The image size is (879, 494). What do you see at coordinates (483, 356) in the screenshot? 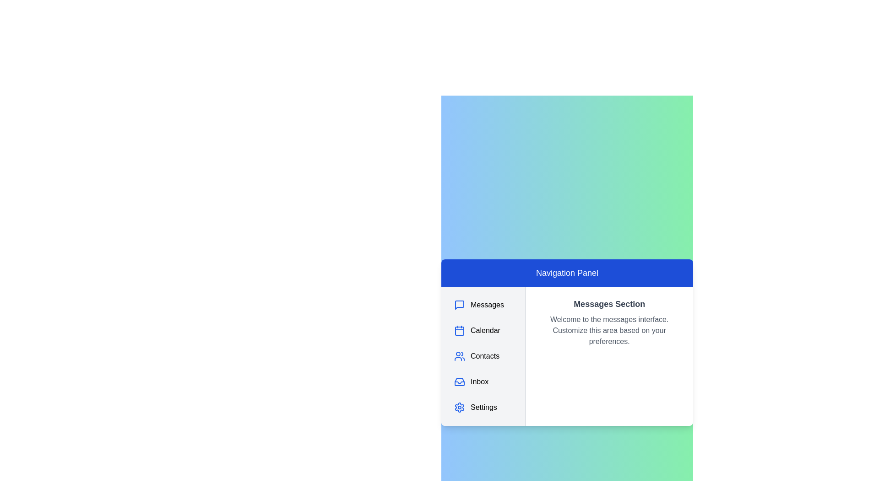
I see `the navigation item Contacts to highlight it` at bounding box center [483, 356].